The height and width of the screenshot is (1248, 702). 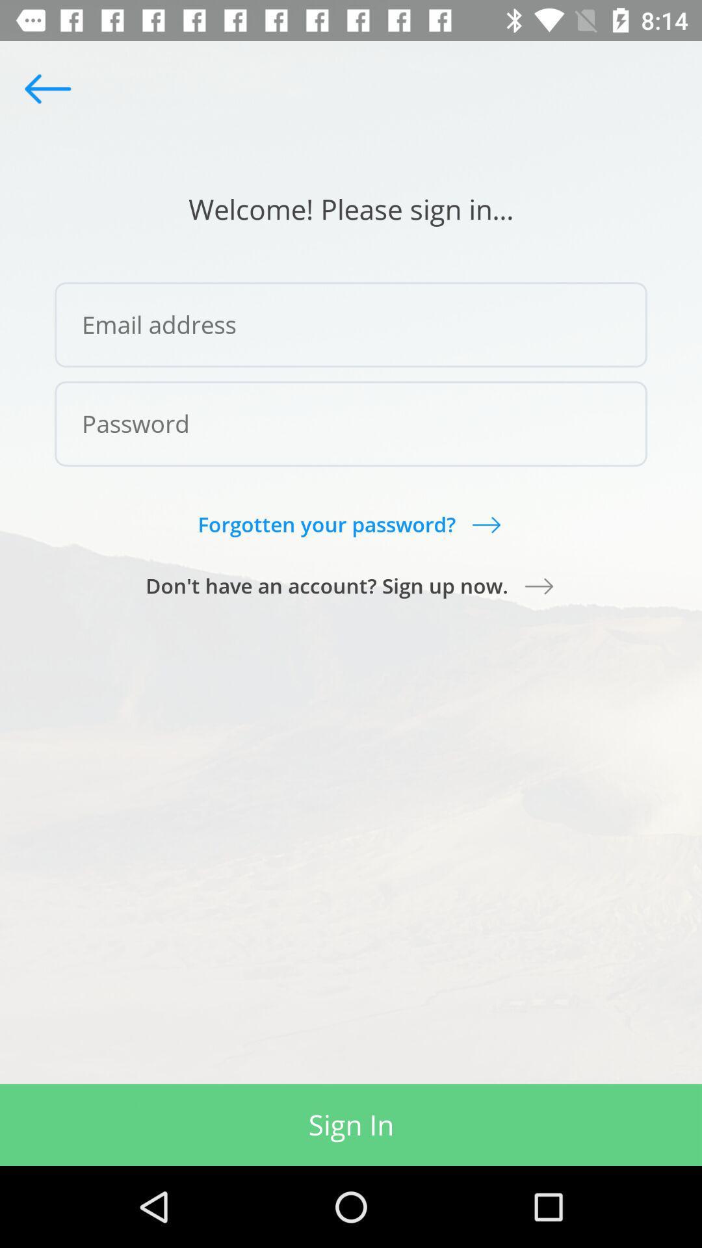 What do you see at coordinates (351, 585) in the screenshot?
I see `item below the forgotten your password?` at bounding box center [351, 585].